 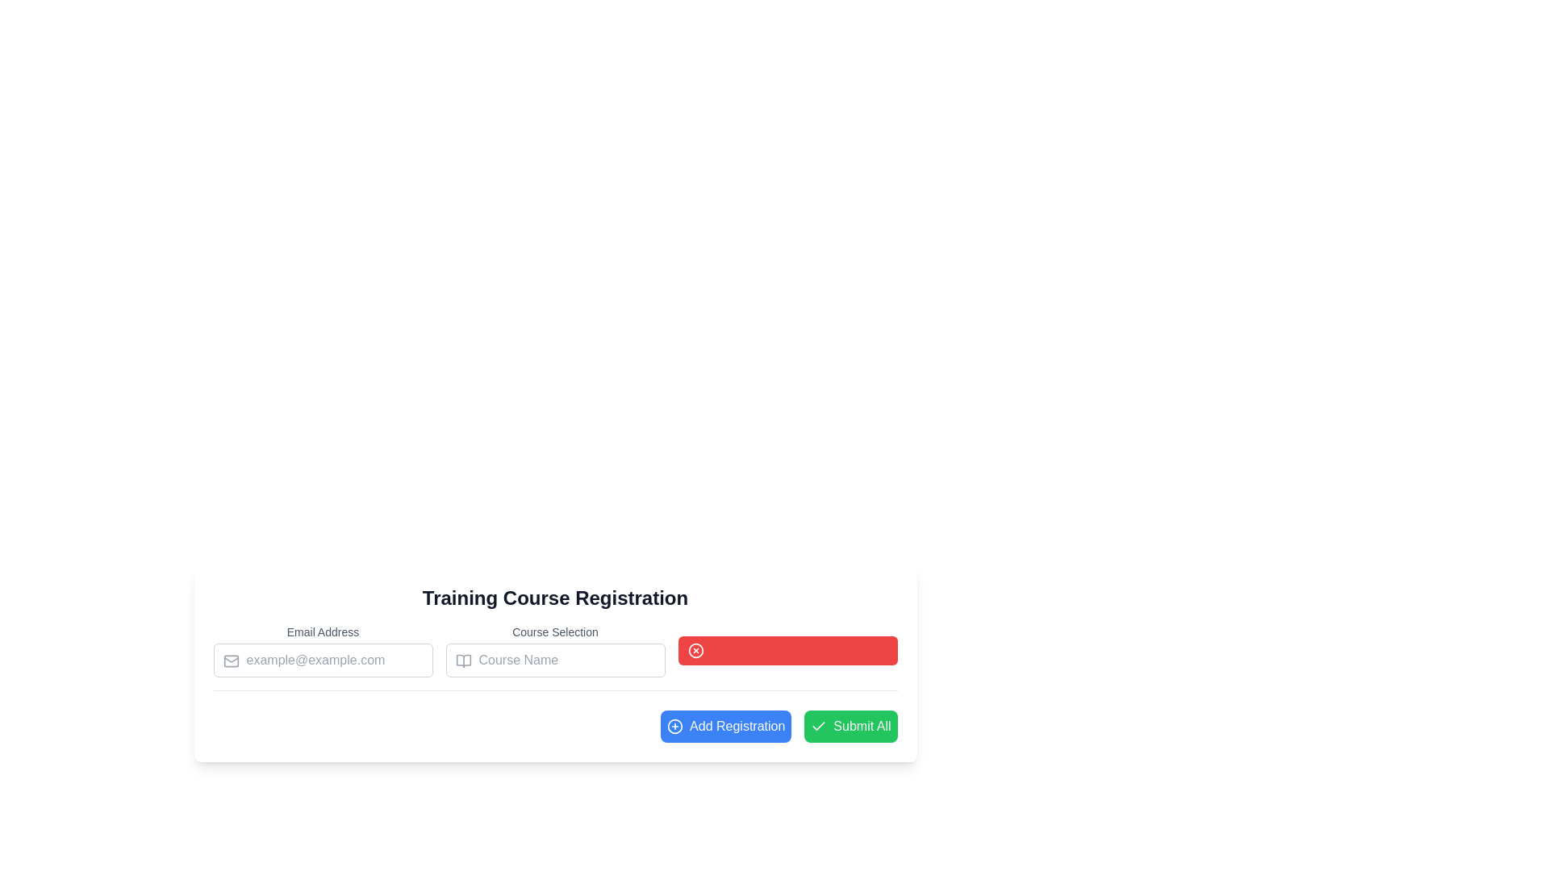 I want to click on the text label that describes the email input field, which is positioned above the email input and aligned with its left edge in the registration section, so click(x=323, y=631).